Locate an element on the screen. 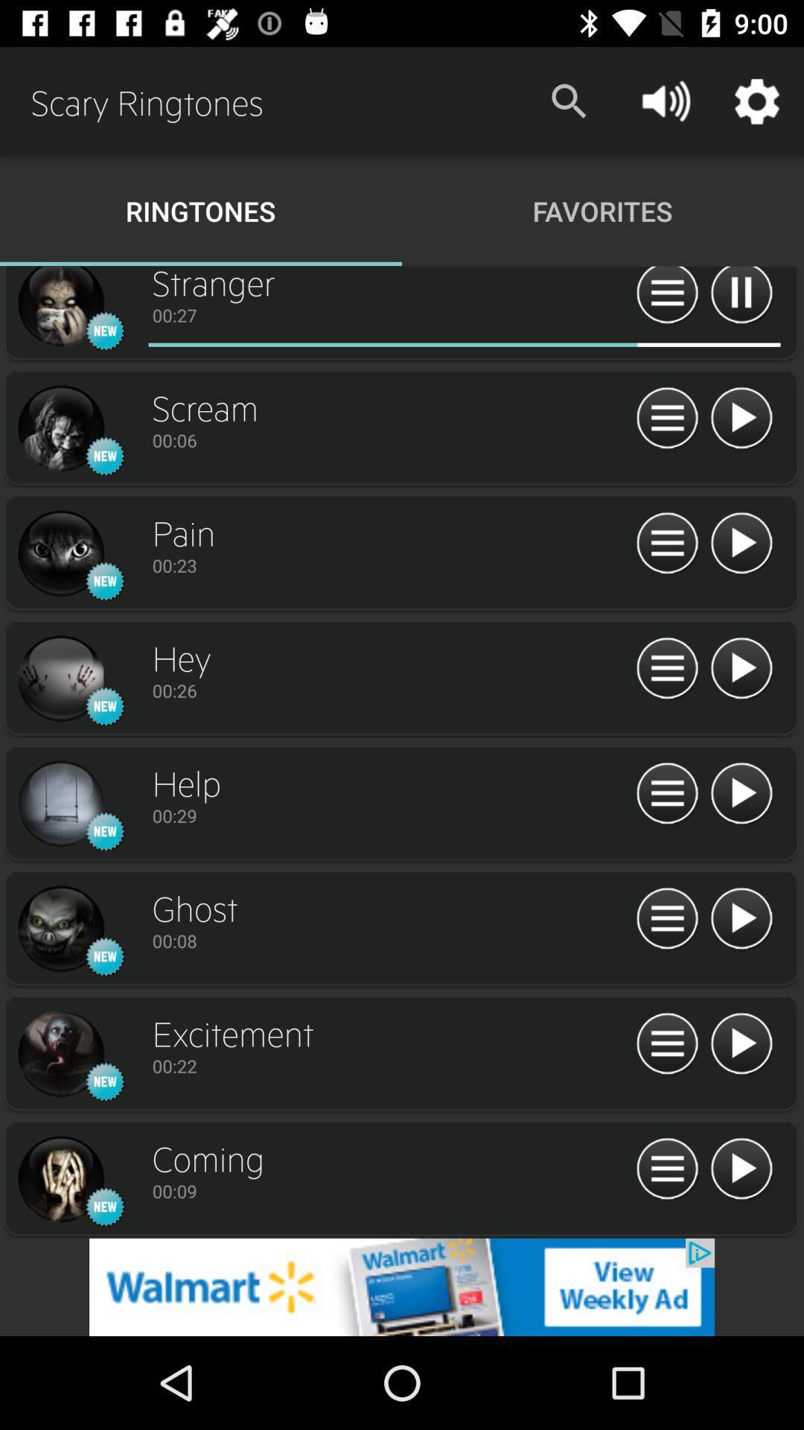 The width and height of the screenshot is (804, 1430). the audio play is located at coordinates (741, 1043).